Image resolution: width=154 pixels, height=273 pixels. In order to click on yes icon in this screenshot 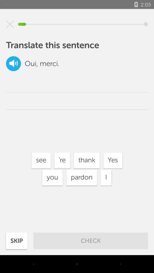, I will do `click(113, 160)`.